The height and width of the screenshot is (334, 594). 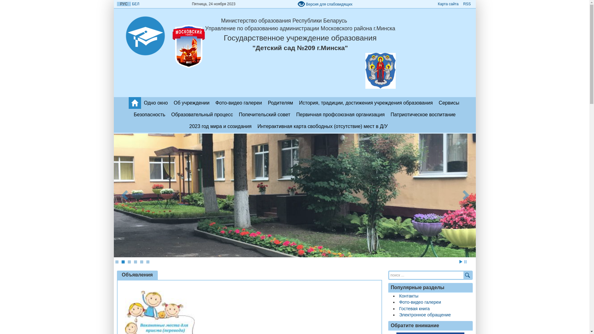 What do you see at coordinates (147, 262) in the screenshot?
I see `'6'` at bounding box center [147, 262].